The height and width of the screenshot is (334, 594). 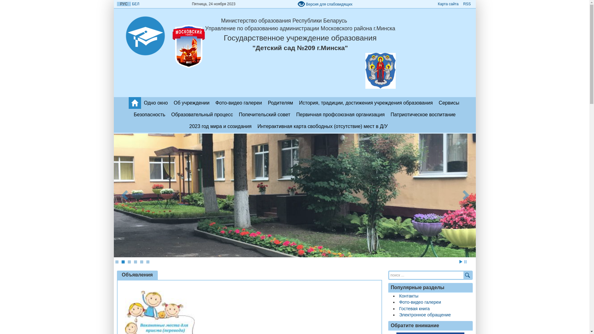 What do you see at coordinates (147, 262) in the screenshot?
I see `'6'` at bounding box center [147, 262].